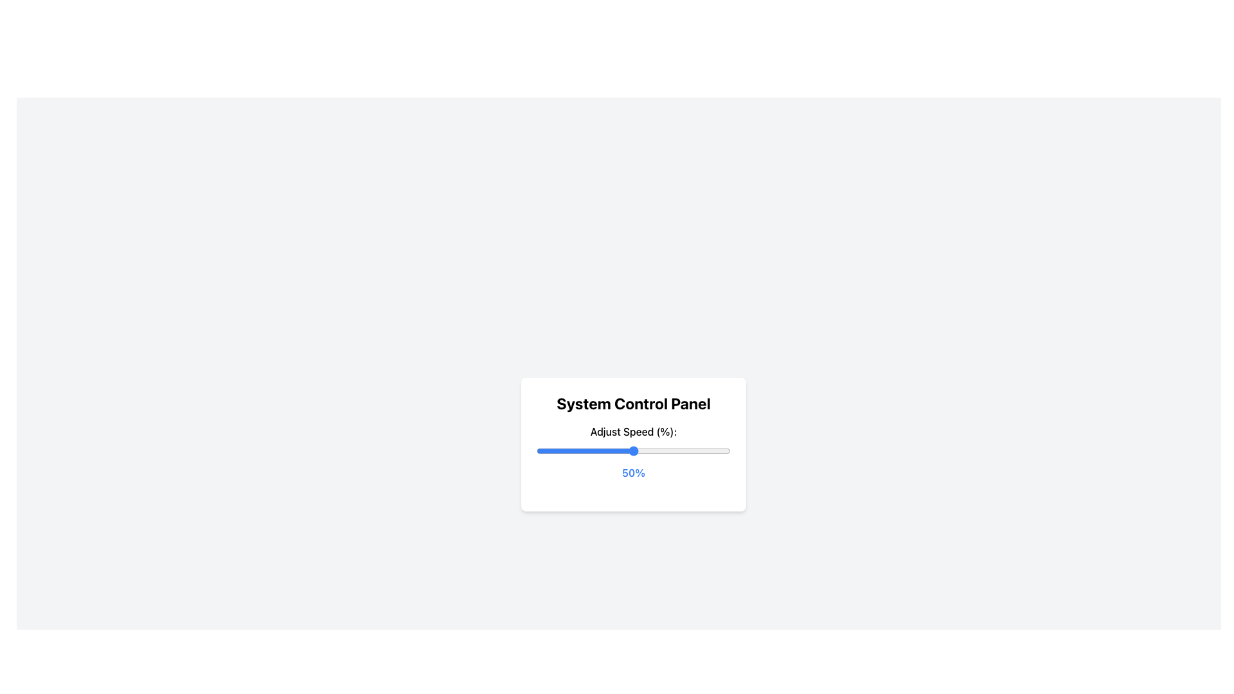 This screenshot has width=1234, height=694. What do you see at coordinates (718, 450) in the screenshot?
I see `the slider value` at bounding box center [718, 450].